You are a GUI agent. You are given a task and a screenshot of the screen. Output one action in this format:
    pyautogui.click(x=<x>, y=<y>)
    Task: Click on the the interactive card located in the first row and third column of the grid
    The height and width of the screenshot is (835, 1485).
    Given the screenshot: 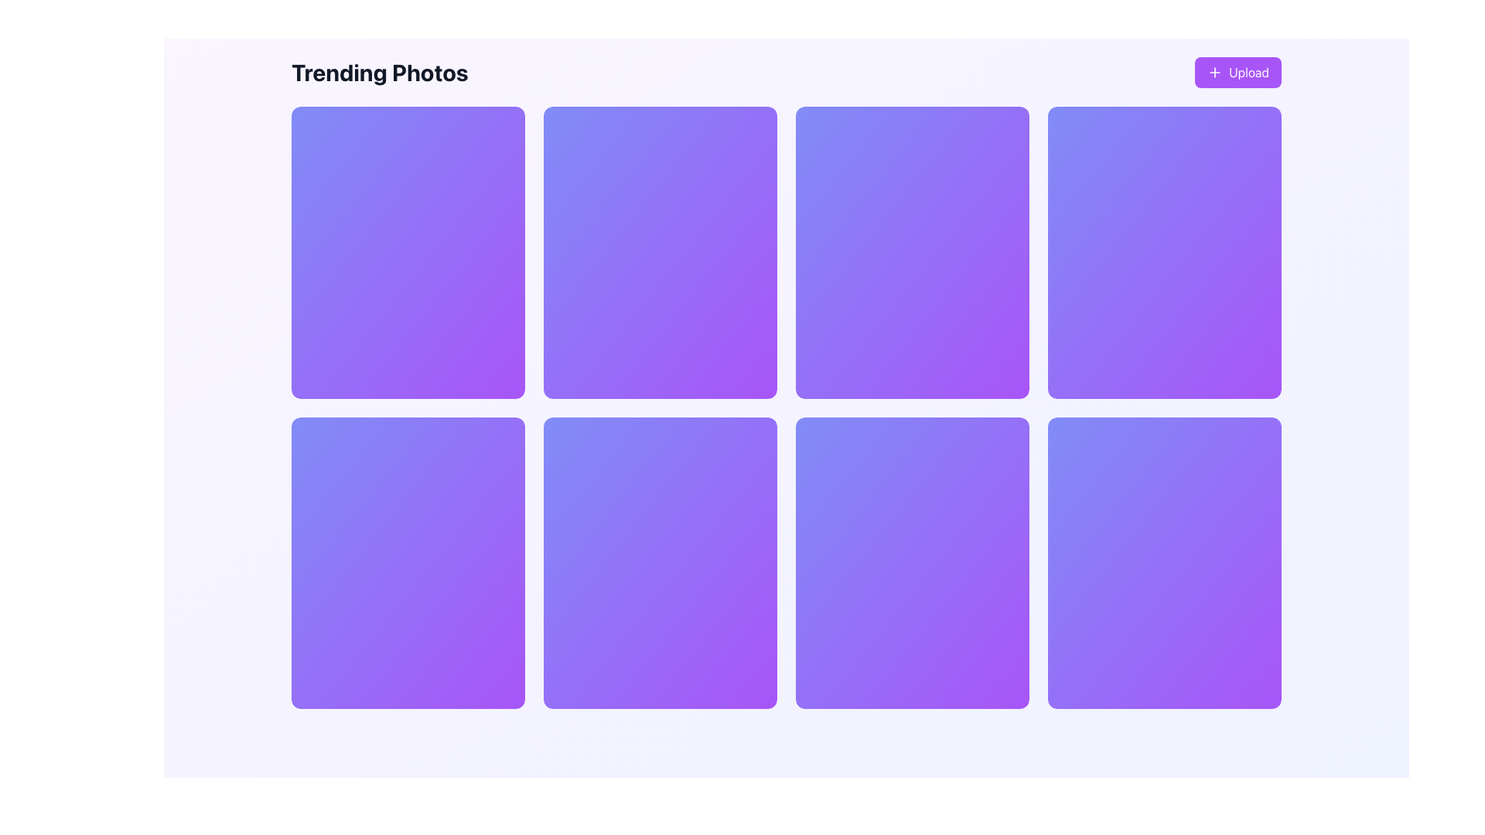 What is the action you would take?
    pyautogui.click(x=913, y=251)
    